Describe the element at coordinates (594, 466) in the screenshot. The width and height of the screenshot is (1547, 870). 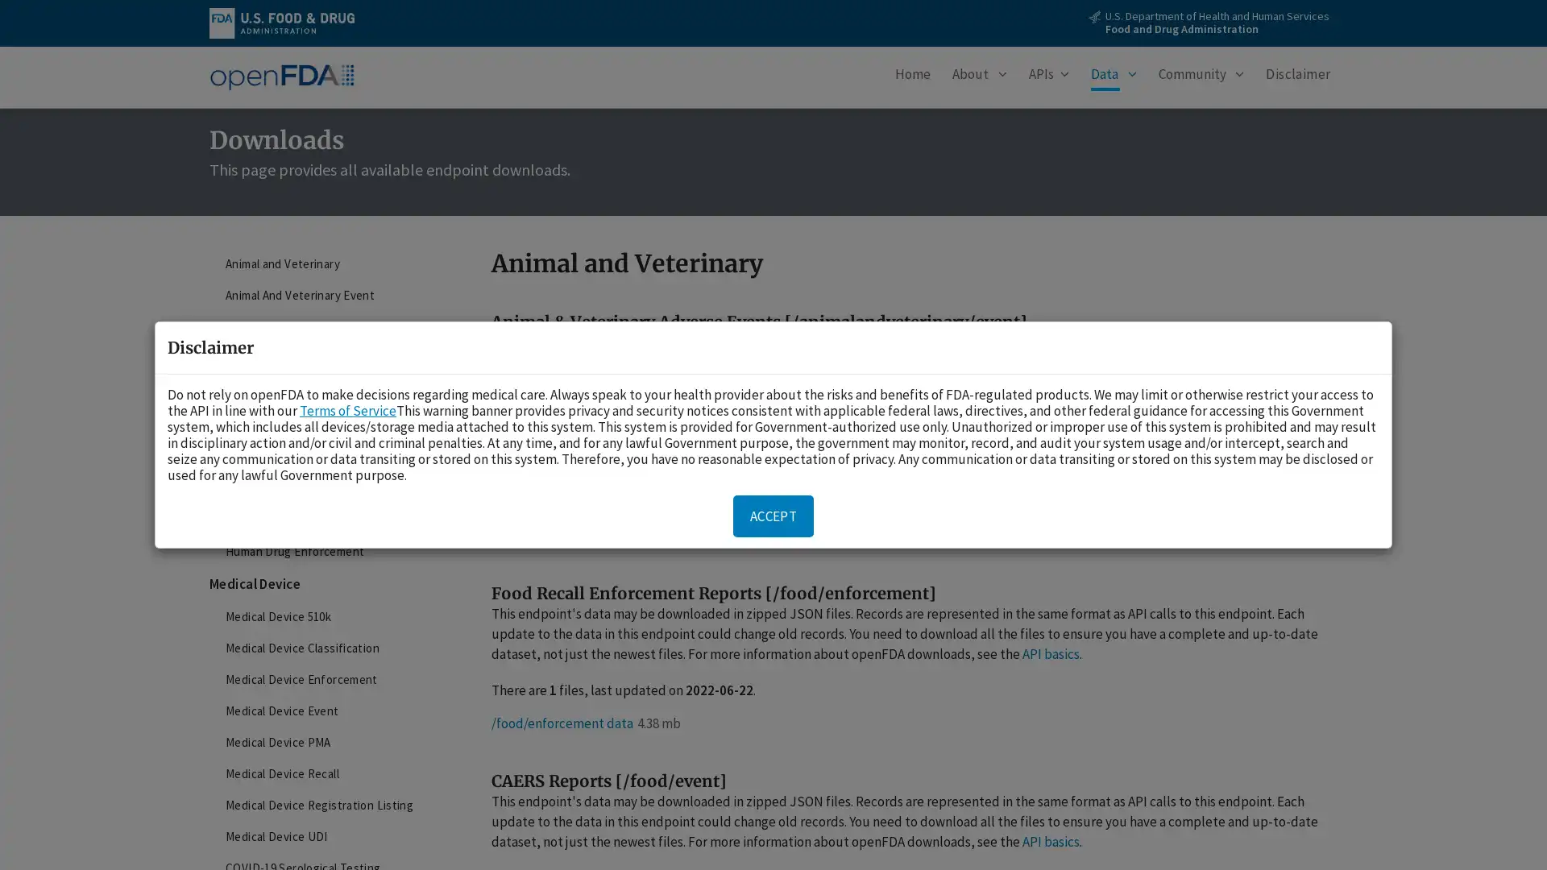
I see `Show all 141 download files` at that location.